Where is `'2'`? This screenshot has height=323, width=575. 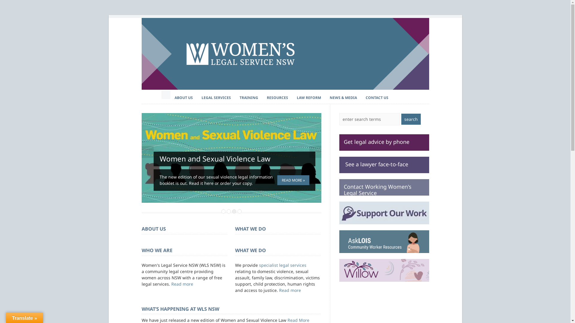
'2' is located at coordinates (228, 211).